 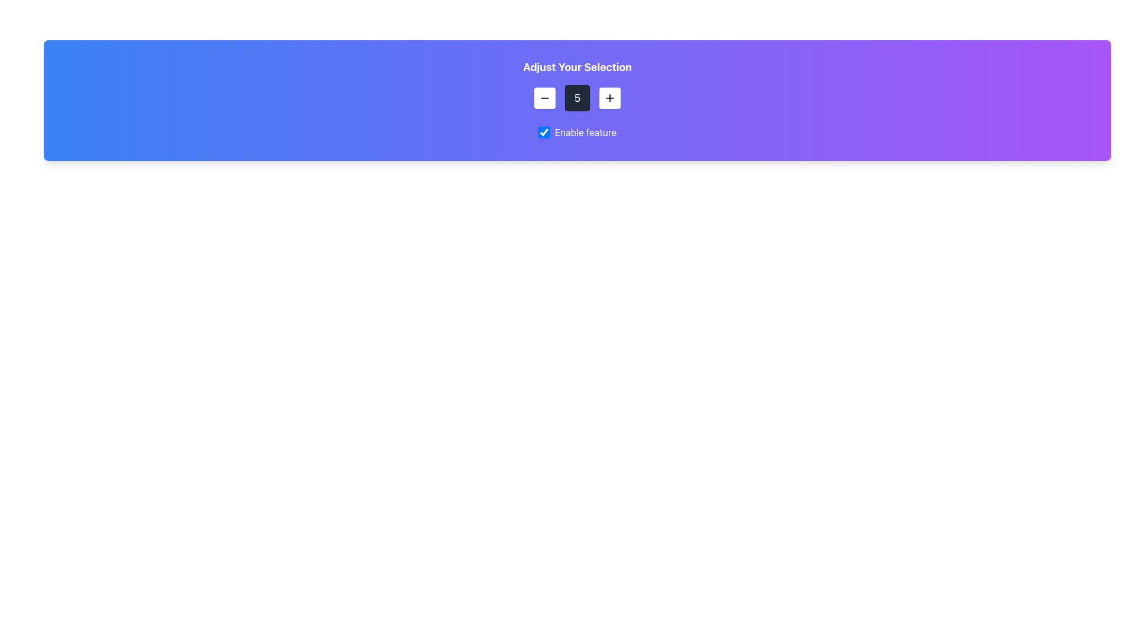 What do you see at coordinates (610, 97) in the screenshot?
I see `the small plus icon button located in the horizontal control bar, which is the third button to the right of the 'Adjust Your Selection' label, to increase the value` at bounding box center [610, 97].